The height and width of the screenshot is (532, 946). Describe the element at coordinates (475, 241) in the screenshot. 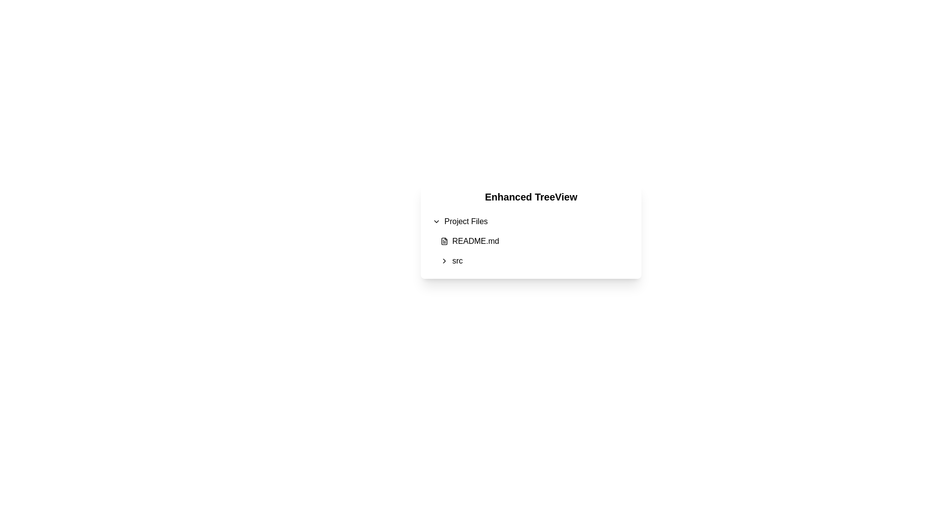

I see `the text label 'README.md' located in the file navigation view, positioned almost at the center horizontally and slightly below the center vertically` at that location.